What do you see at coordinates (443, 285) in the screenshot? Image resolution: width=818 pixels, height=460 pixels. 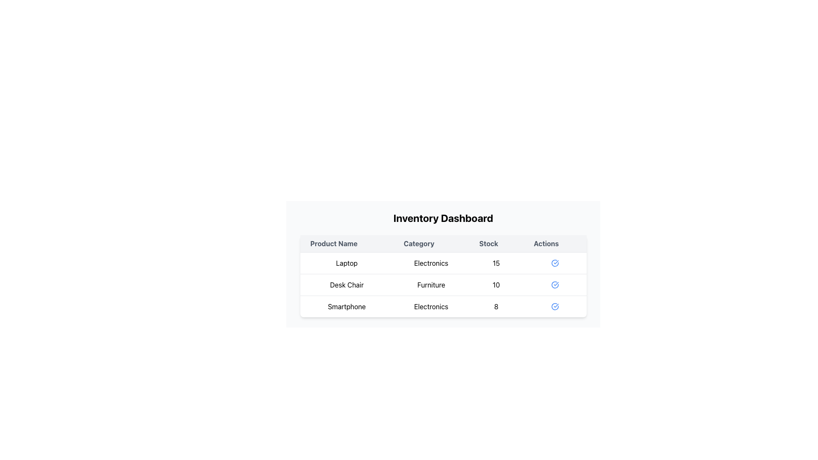 I see `the second row of the inventory table displaying product details, which includes columns for 'Product Name', 'Category', 'Stock', and 'Actions'` at bounding box center [443, 285].